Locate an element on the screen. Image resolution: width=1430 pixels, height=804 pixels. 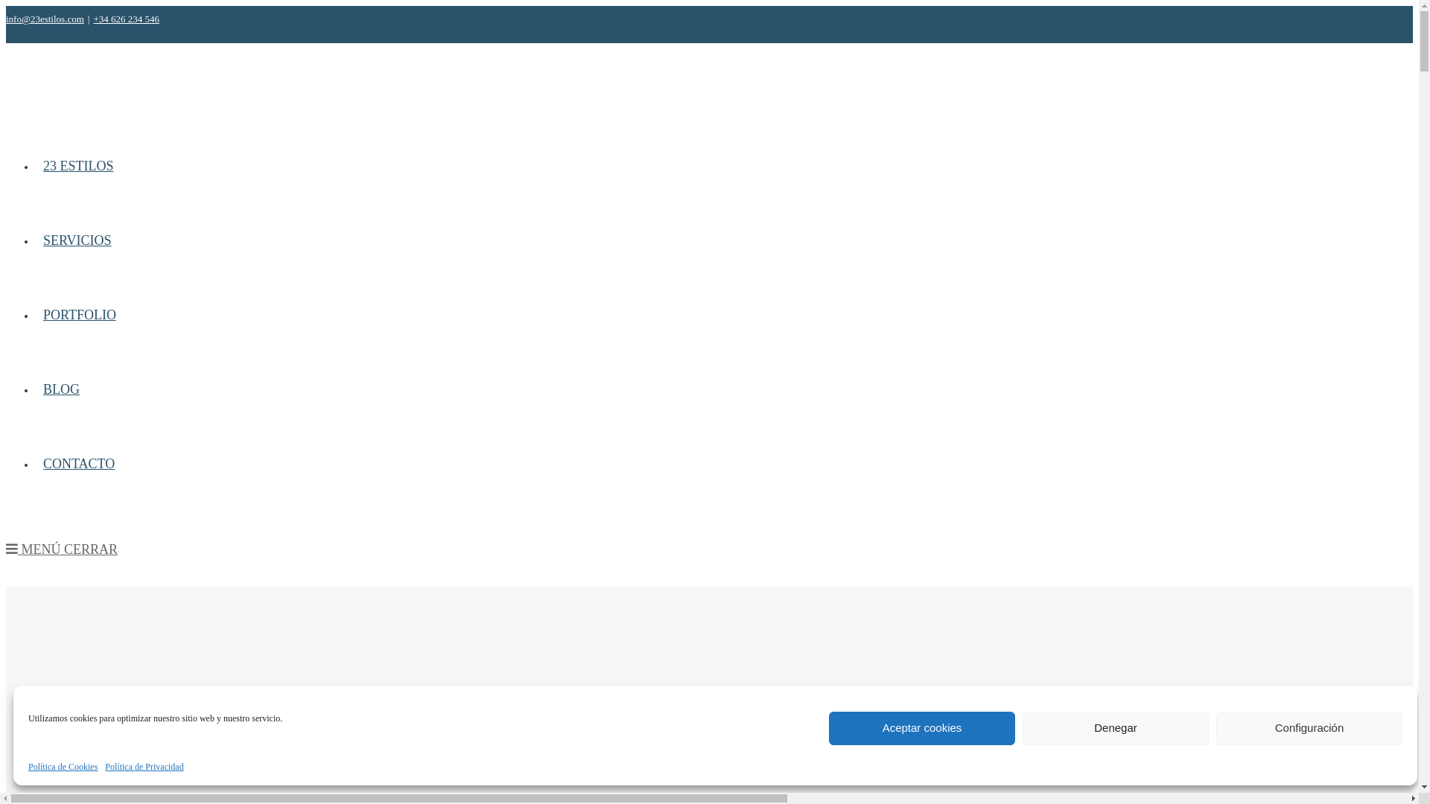
'BLOG' is located at coordinates (60, 387).